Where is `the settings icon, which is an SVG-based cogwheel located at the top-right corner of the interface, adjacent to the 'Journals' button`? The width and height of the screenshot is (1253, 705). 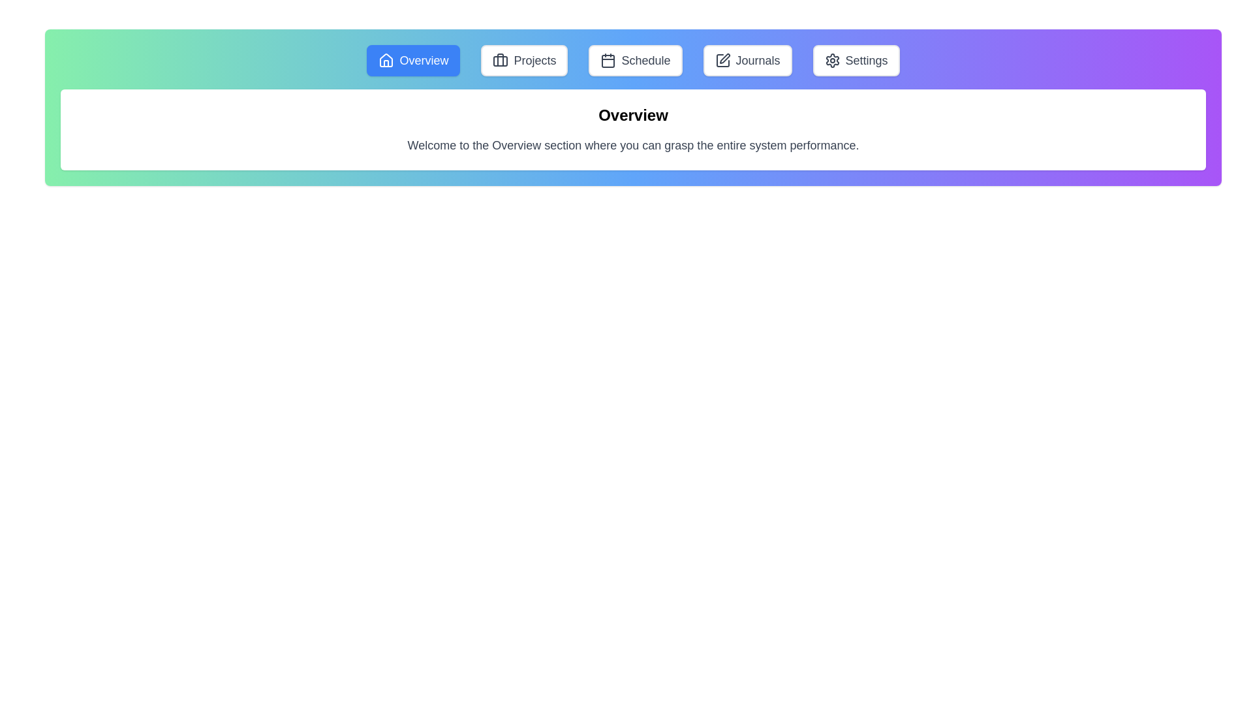 the settings icon, which is an SVG-based cogwheel located at the top-right corner of the interface, adjacent to the 'Journals' button is located at coordinates (831, 60).